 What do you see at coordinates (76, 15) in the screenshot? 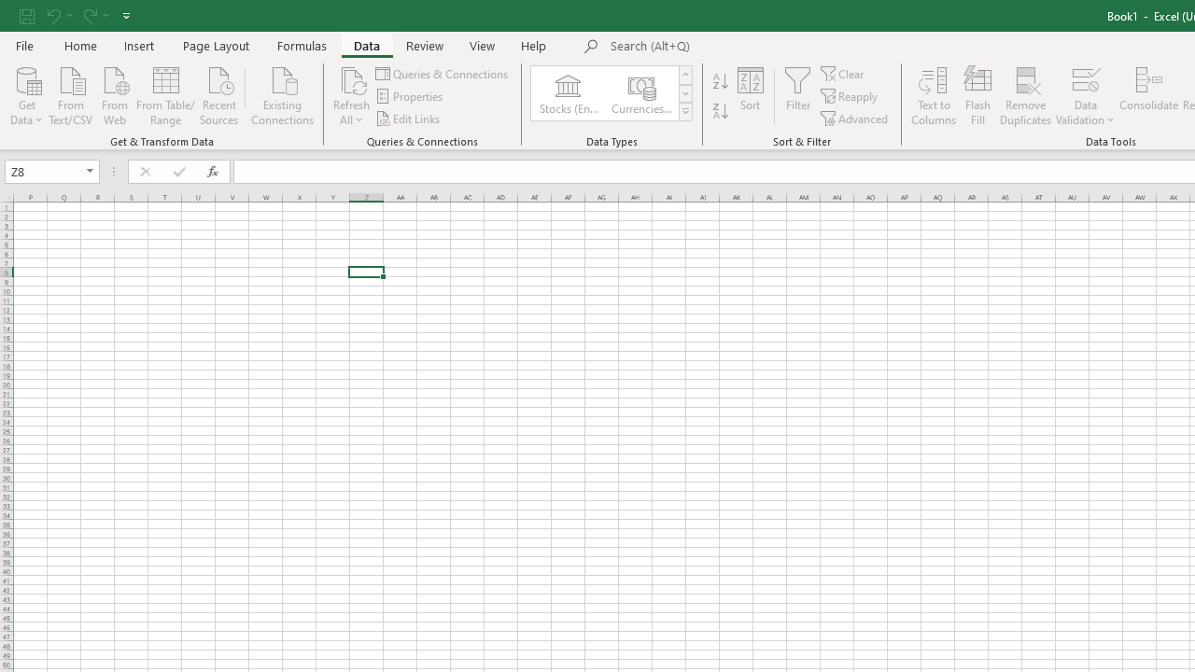
I see `'Quick Access Toolbar'` at bounding box center [76, 15].